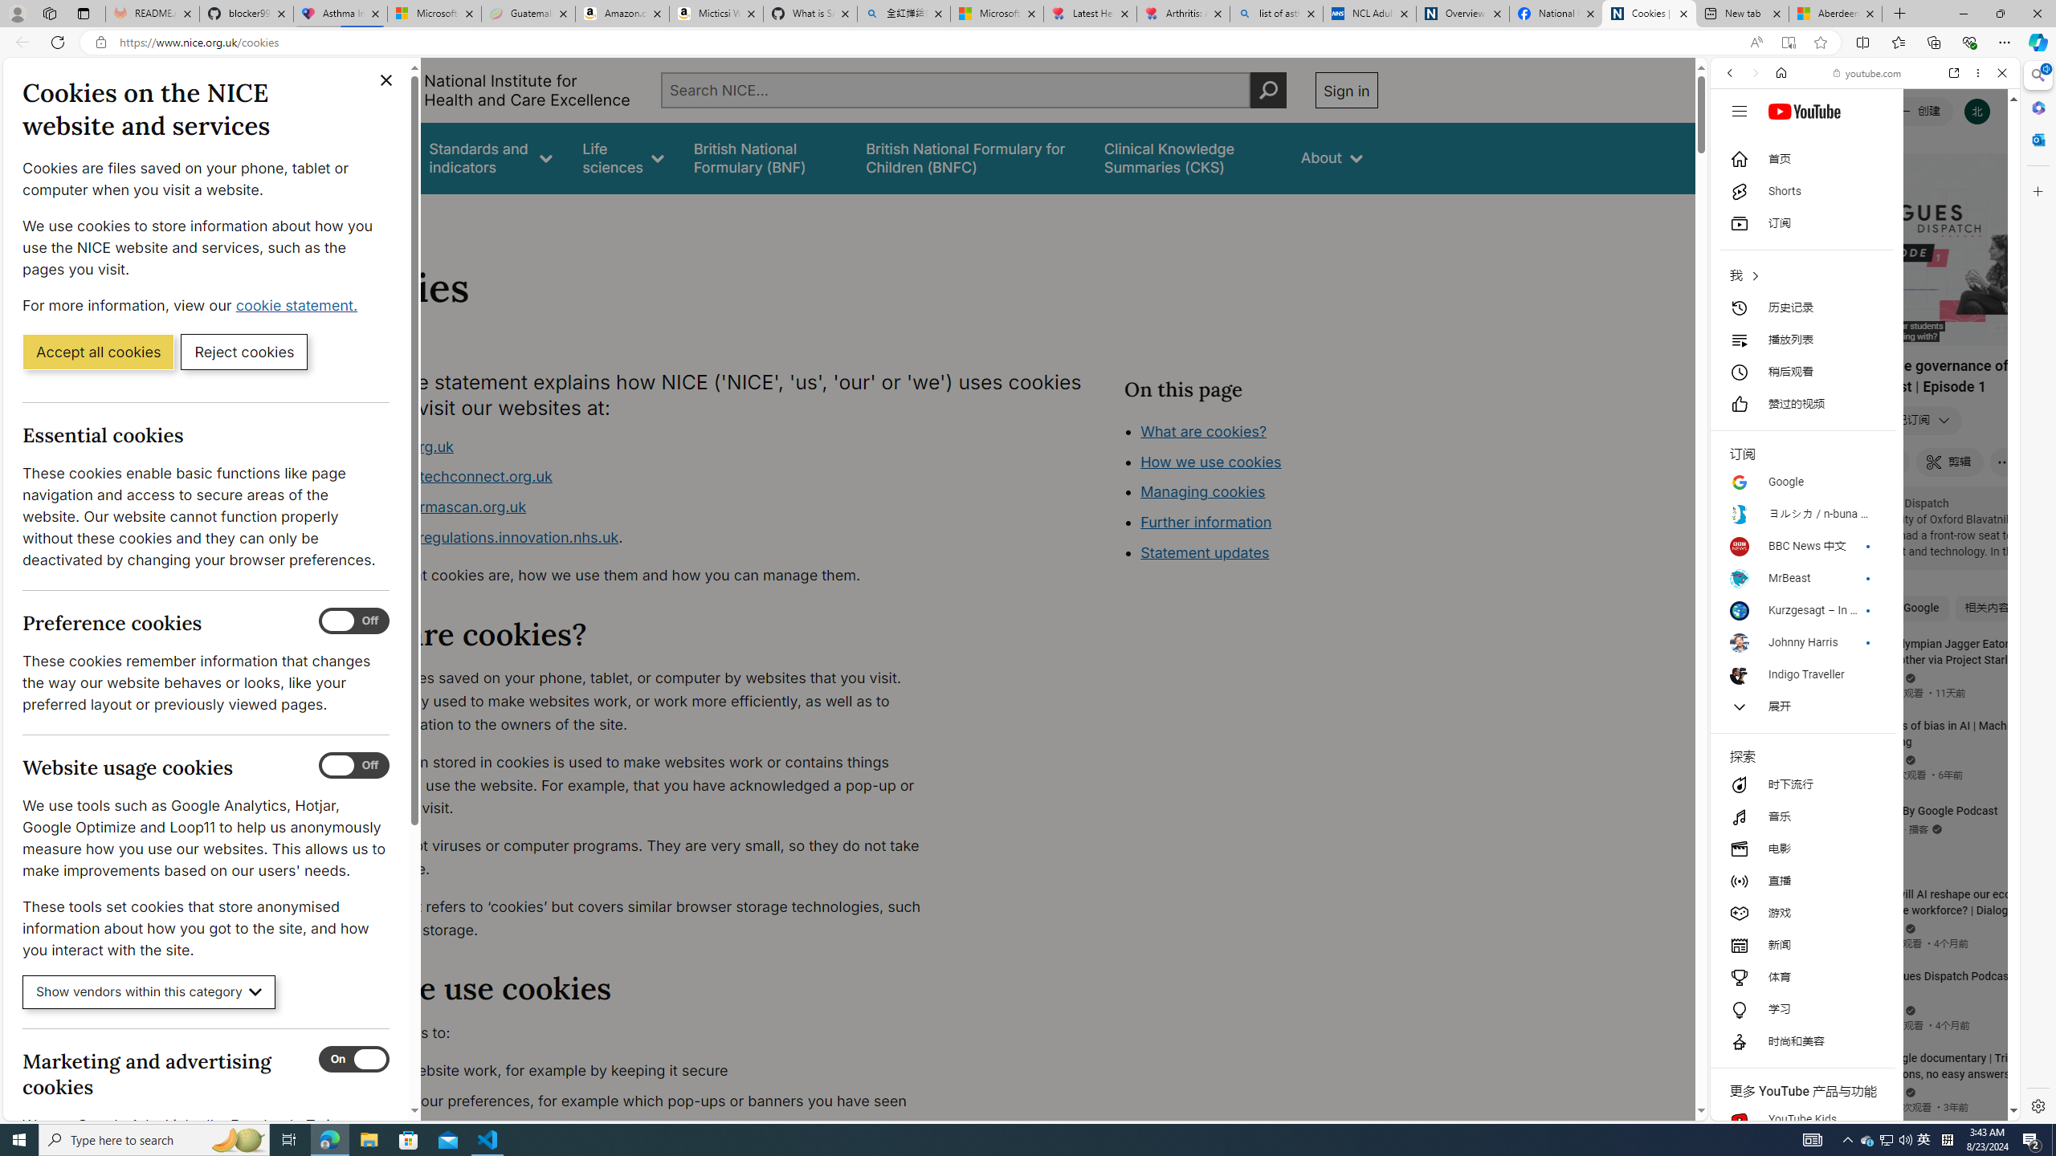  Describe the element at coordinates (2036, 190) in the screenshot. I see `'Close Customize pane'` at that location.